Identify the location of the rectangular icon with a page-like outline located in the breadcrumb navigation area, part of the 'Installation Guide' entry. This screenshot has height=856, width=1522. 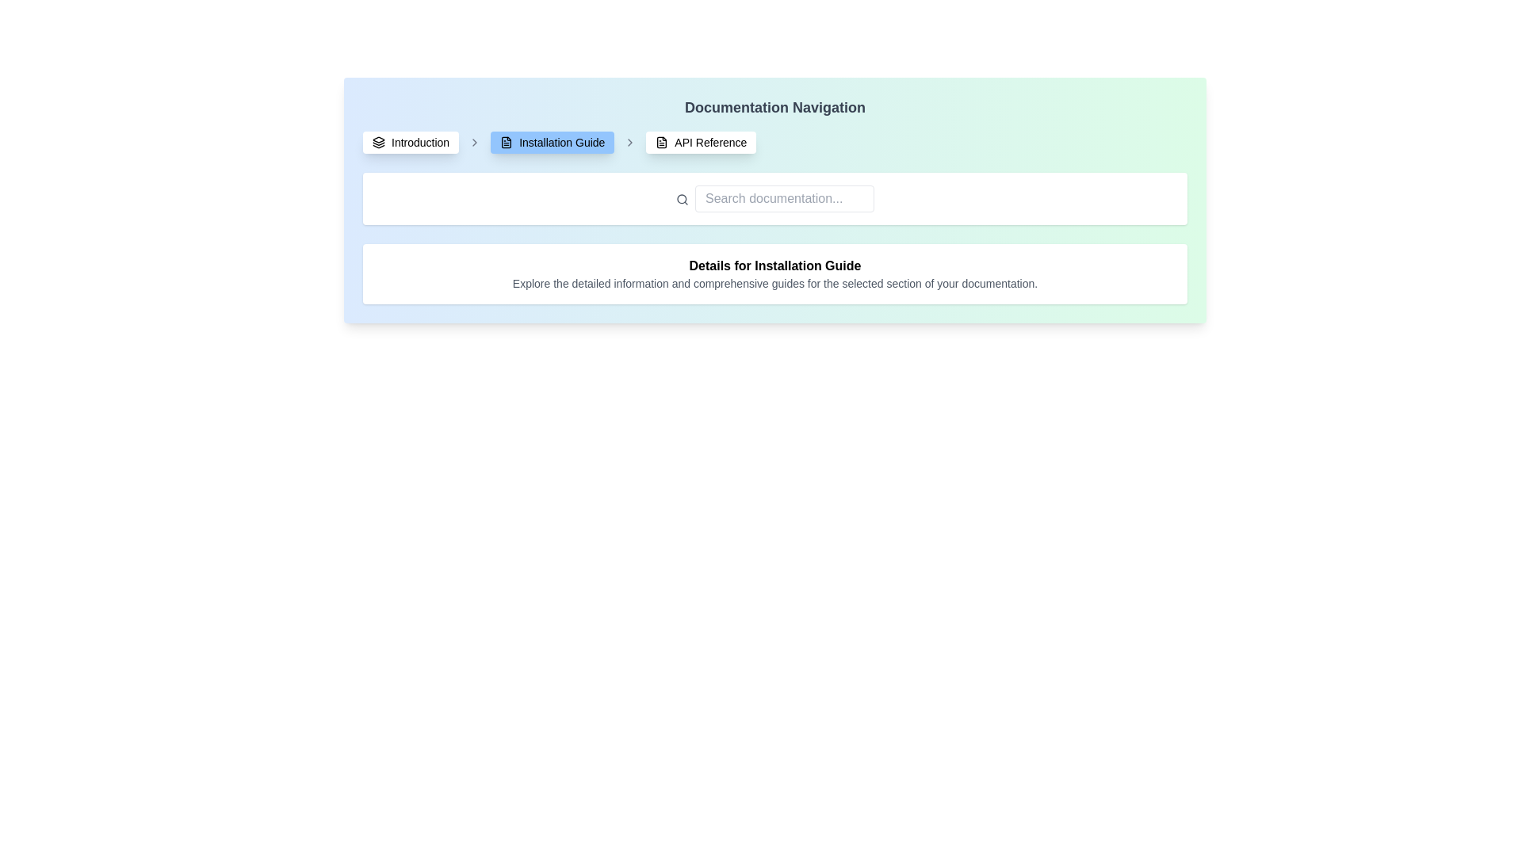
(506, 143).